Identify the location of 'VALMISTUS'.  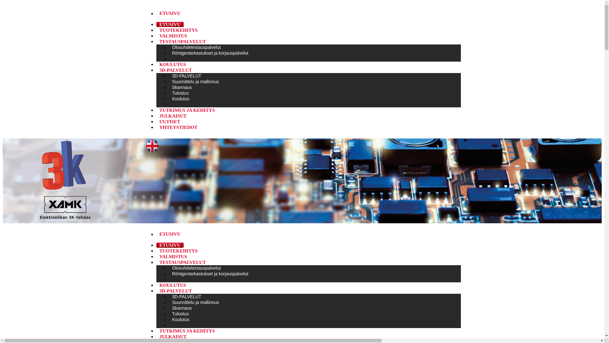
(173, 256).